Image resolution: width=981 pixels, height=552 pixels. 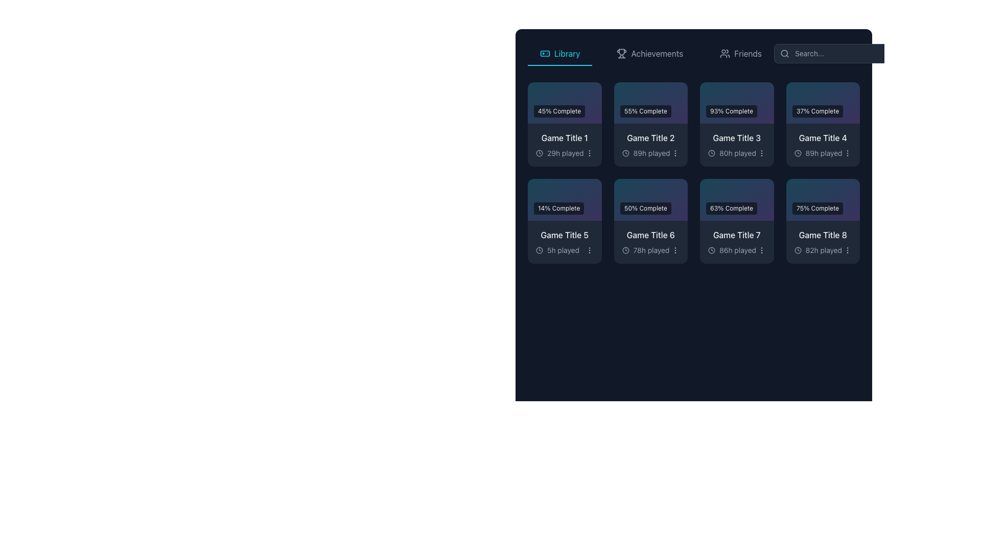 What do you see at coordinates (567, 53) in the screenshot?
I see `the navigational label displaying the word 'Library' in cyan color` at bounding box center [567, 53].